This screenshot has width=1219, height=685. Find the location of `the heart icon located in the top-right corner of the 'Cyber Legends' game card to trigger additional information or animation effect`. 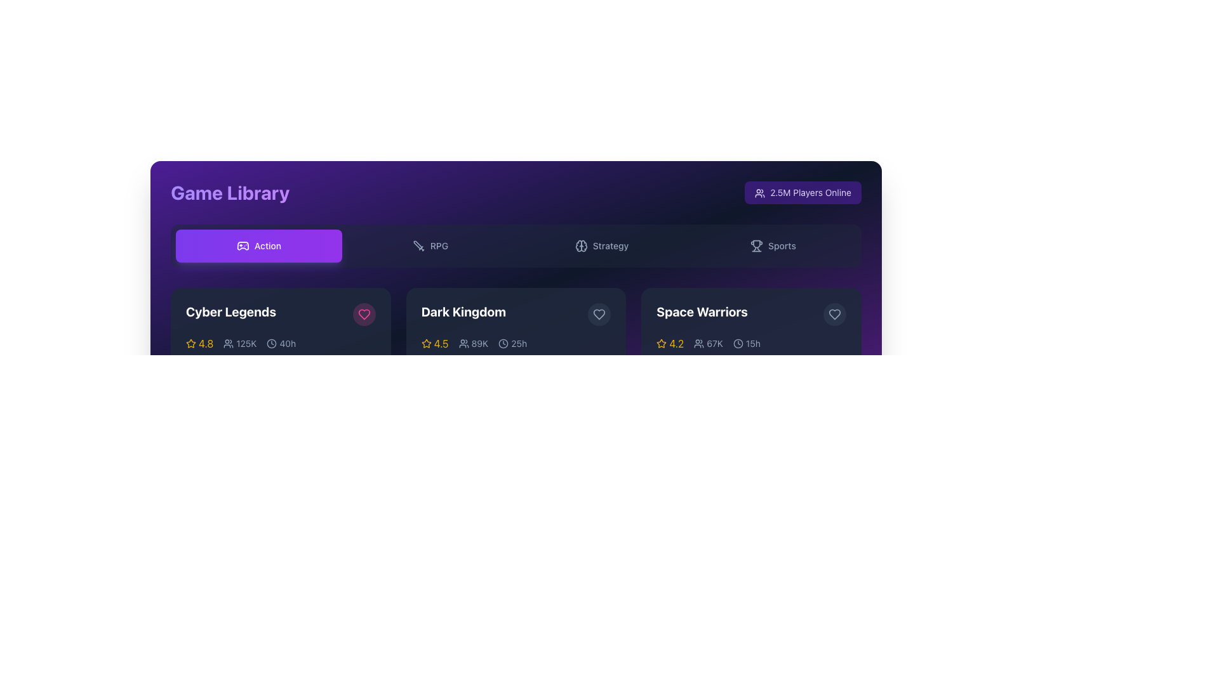

the heart icon located in the top-right corner of the 'Cyber Legends' game card to trigger additional information or animation effect is located at coordinates (363, 314).